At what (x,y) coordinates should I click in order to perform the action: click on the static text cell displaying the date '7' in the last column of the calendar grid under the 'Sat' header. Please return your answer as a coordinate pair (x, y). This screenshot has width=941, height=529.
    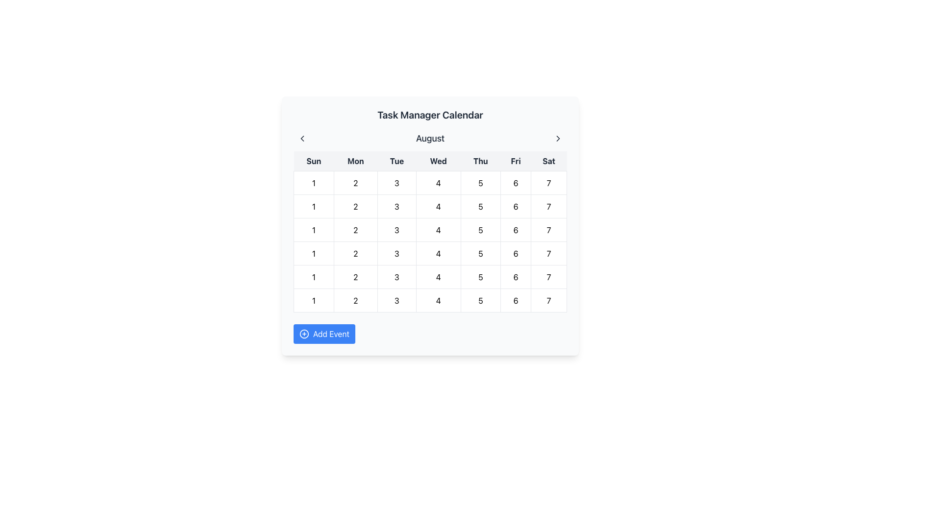
    Looking at the image, I should click on (549, 183).